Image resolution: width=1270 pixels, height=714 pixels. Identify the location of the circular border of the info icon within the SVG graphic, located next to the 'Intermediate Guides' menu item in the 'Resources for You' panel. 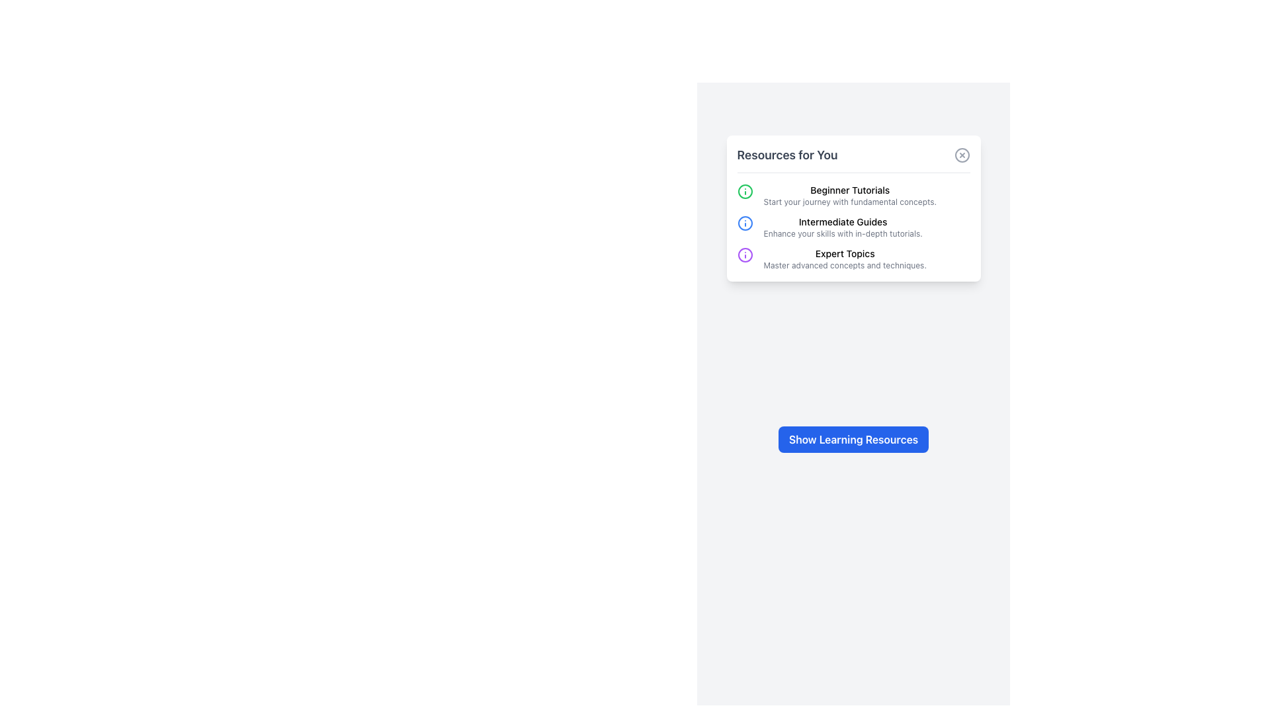
(745, 191).